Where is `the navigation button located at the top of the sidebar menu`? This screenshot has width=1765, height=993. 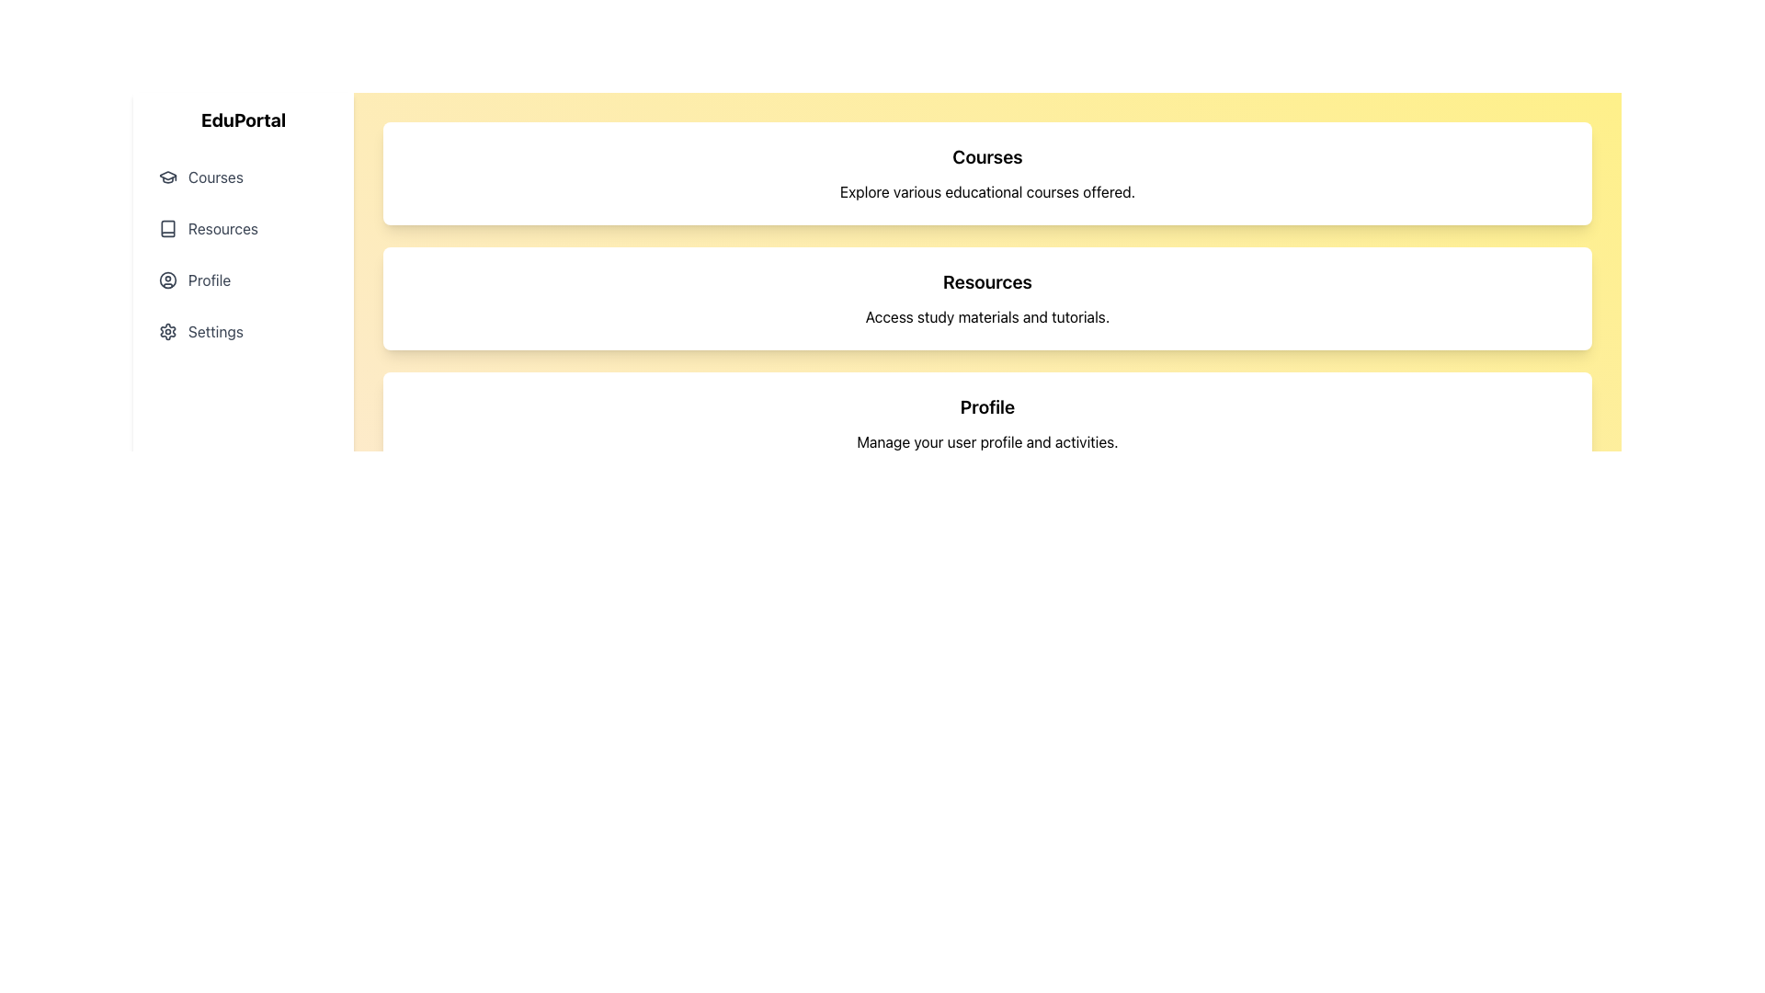
the navigation button located at the top of the sidebar menu is located at coordinates (242, 177).